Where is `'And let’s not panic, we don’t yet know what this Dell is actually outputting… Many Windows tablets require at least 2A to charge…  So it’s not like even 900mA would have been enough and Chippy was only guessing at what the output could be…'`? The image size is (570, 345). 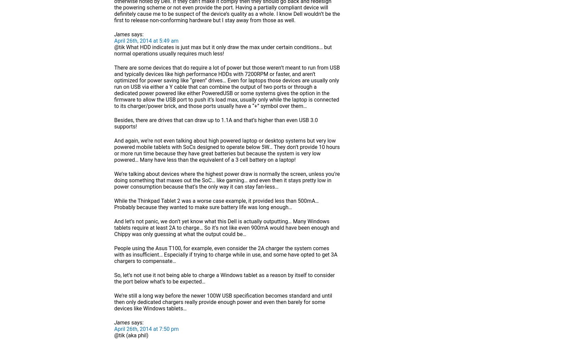
'And let’s not panic, we don’t yet know what this Dell is actually outputting… Many Windows tablets require at least 2A to charge…  So it’s not like even 900mA would have been enough and Chippy was only guessing at what the output could be…' is located at coordinates (227, 227).